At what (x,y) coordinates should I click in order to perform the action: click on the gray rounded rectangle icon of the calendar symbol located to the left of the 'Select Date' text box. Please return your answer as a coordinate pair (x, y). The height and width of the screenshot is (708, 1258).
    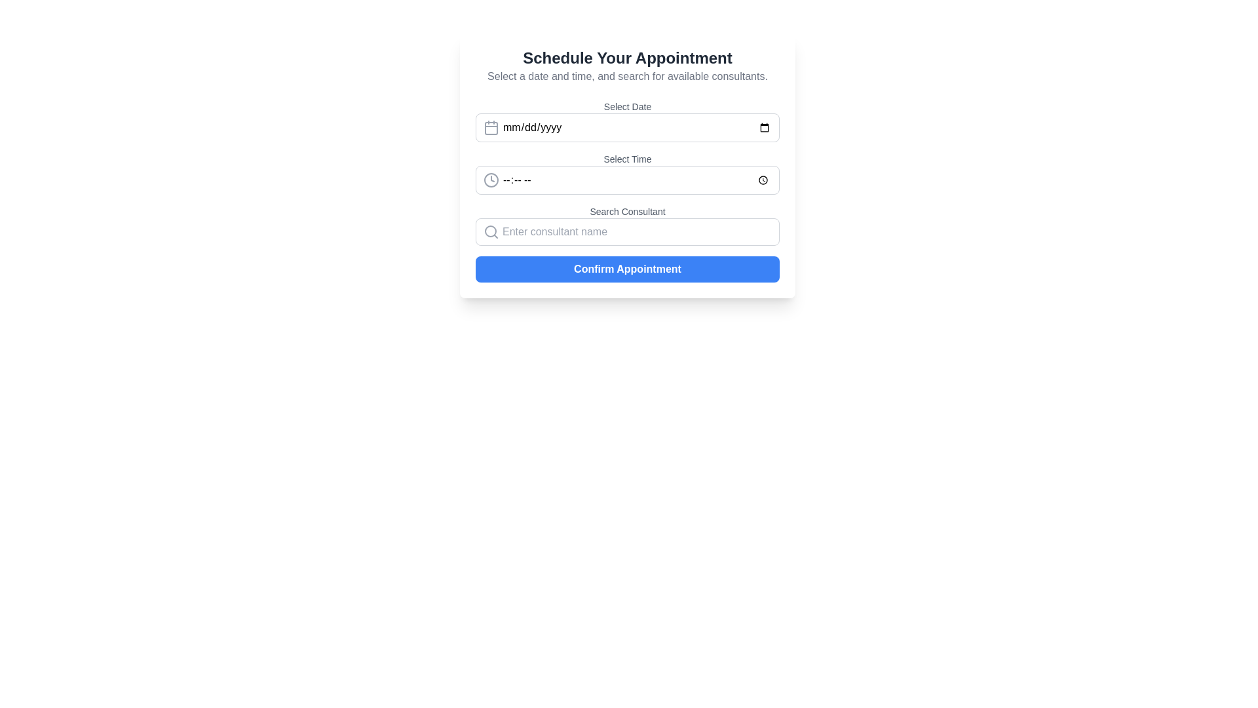
    Looking at the image, I should click on (490, 128).